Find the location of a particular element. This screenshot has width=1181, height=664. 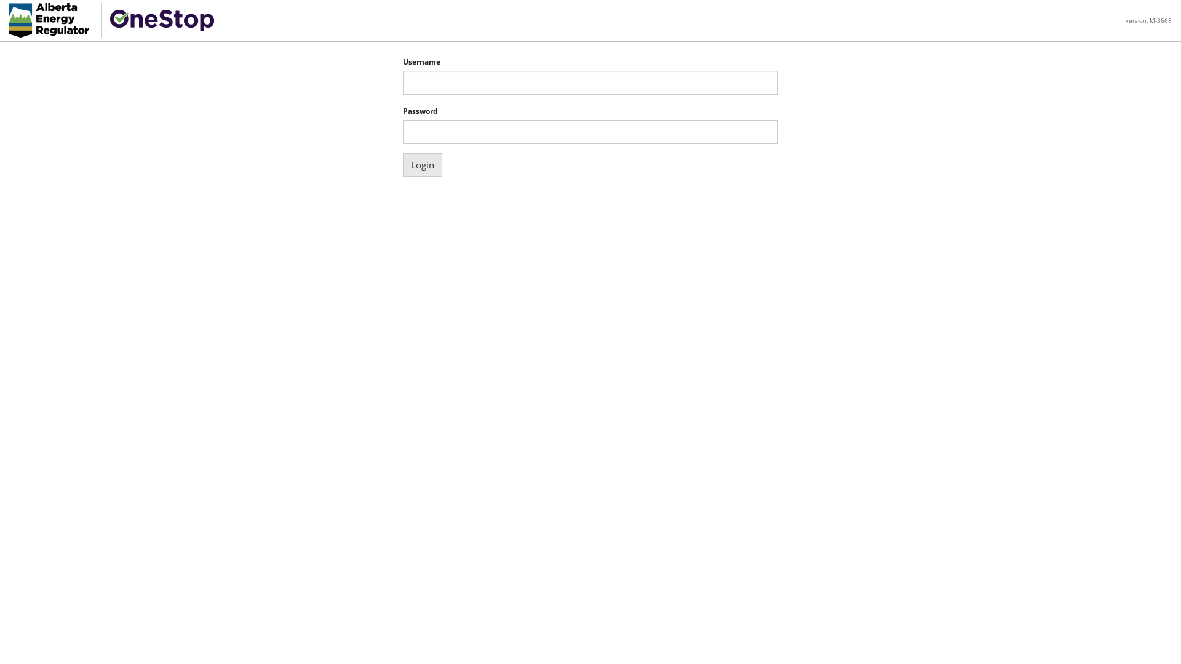

'Login' is located at coordinates (422, 164).